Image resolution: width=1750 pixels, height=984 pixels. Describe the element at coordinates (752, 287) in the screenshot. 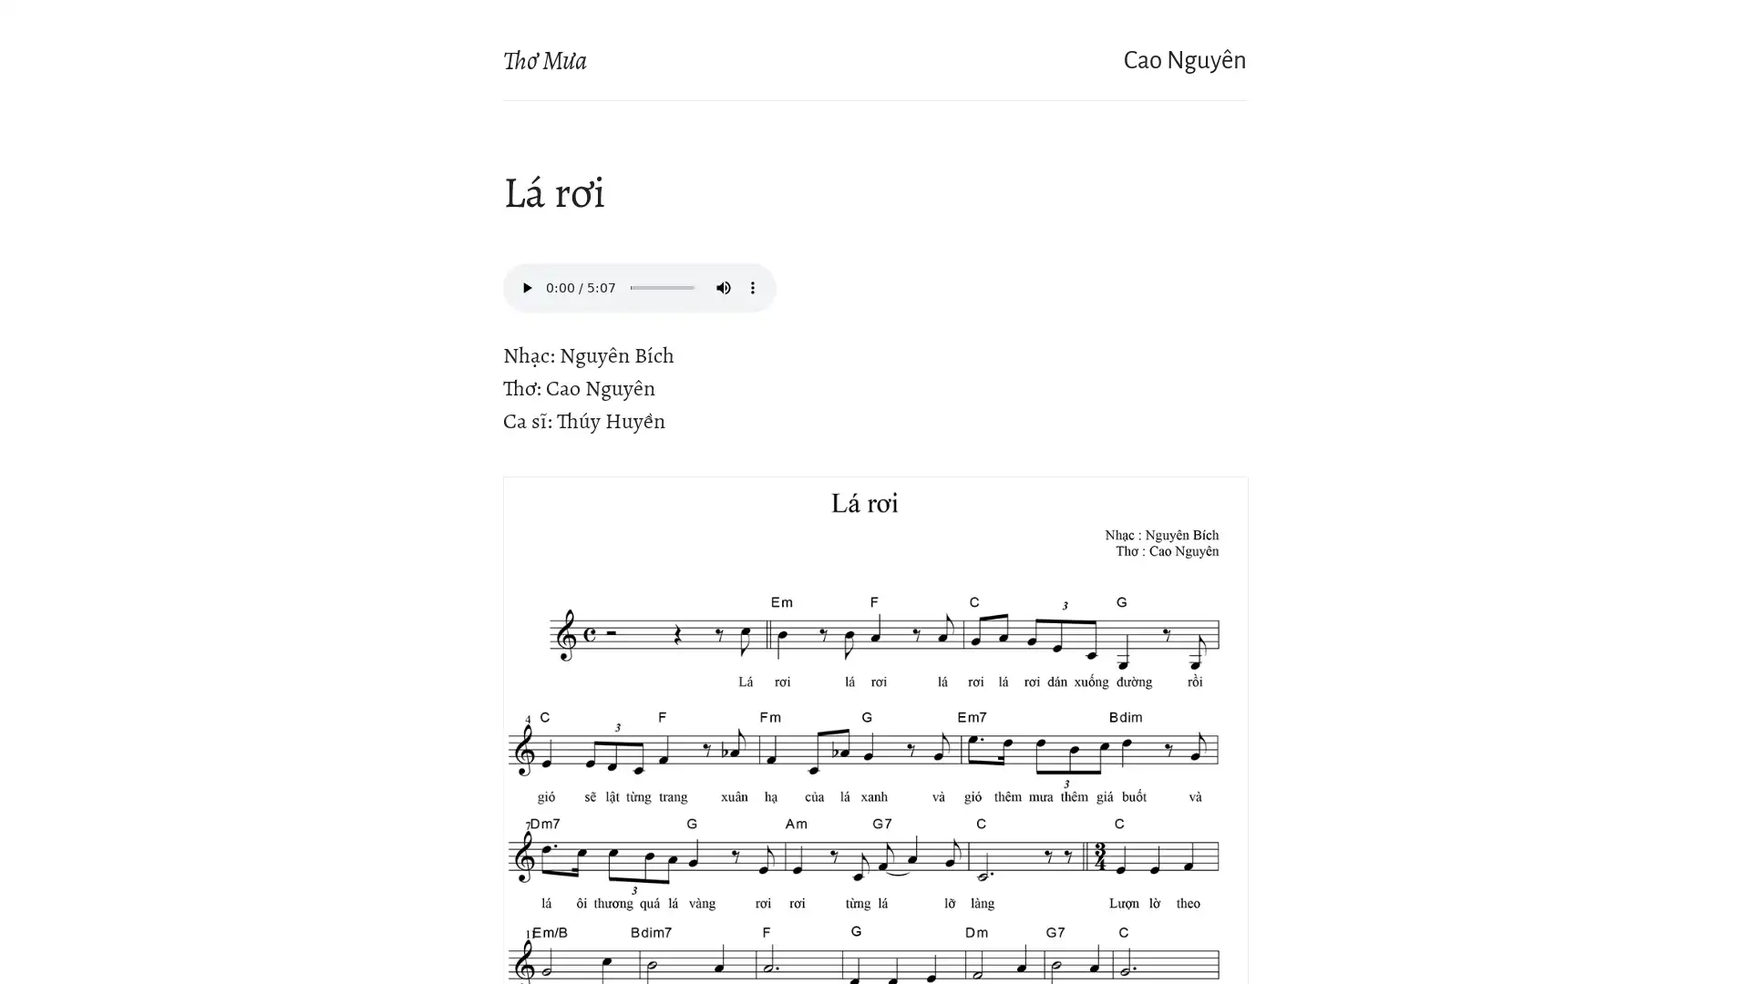

I see `show more media controls` at that location.